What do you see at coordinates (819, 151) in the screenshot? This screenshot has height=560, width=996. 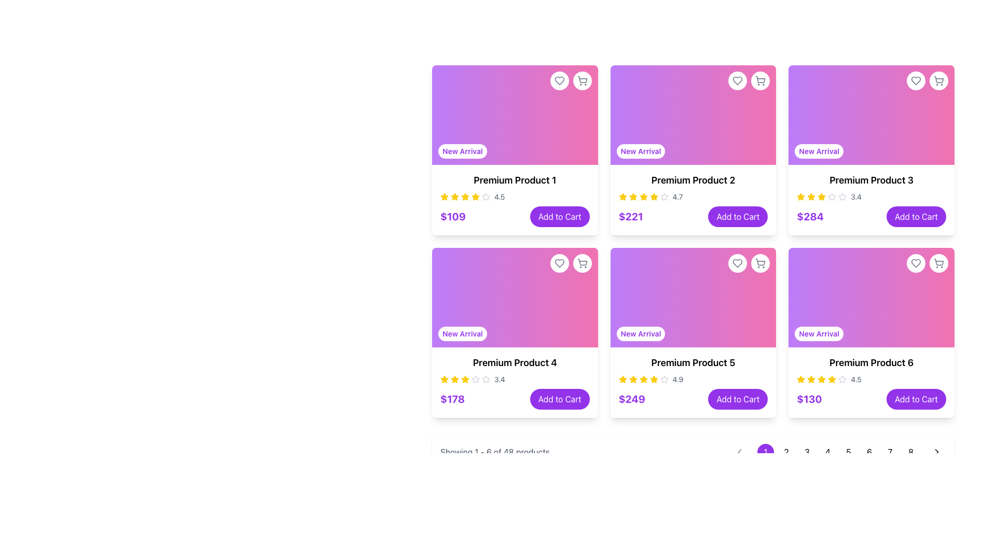 I see `the informational label indicating that the product is a newly arrived item, located in the bottom-left corner of the 'Premium Product 3' card, above the product title` at bounding box center [819, 151].